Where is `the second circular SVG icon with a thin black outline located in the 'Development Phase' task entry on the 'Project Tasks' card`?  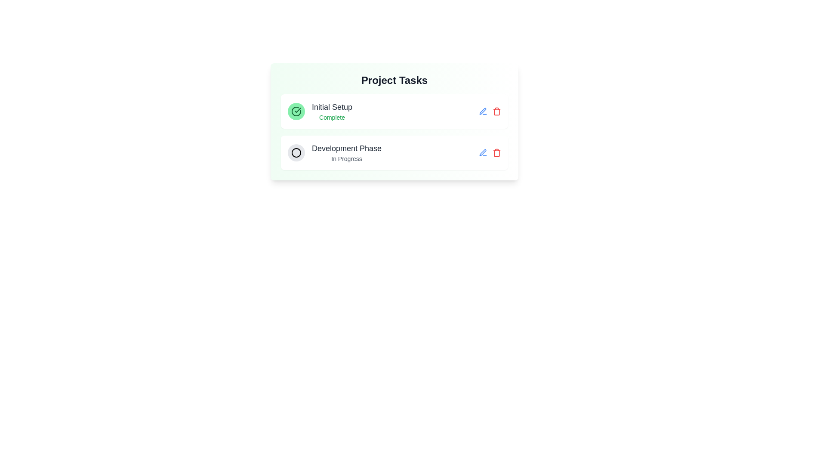 the second circular SVG icon with a thin black outline located in the 'Development Phase' task entry on the 'Project Tasks' card is located at coordinates (296, 152).